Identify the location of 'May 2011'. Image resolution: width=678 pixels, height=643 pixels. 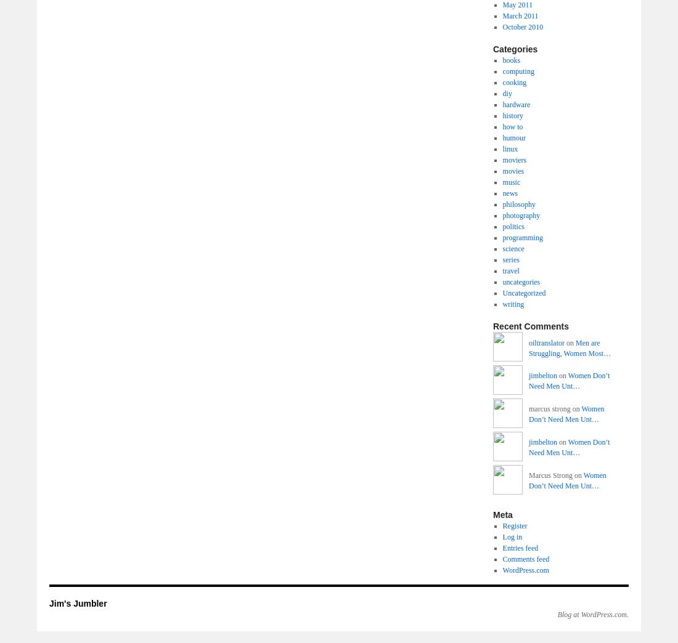
(517, 4).